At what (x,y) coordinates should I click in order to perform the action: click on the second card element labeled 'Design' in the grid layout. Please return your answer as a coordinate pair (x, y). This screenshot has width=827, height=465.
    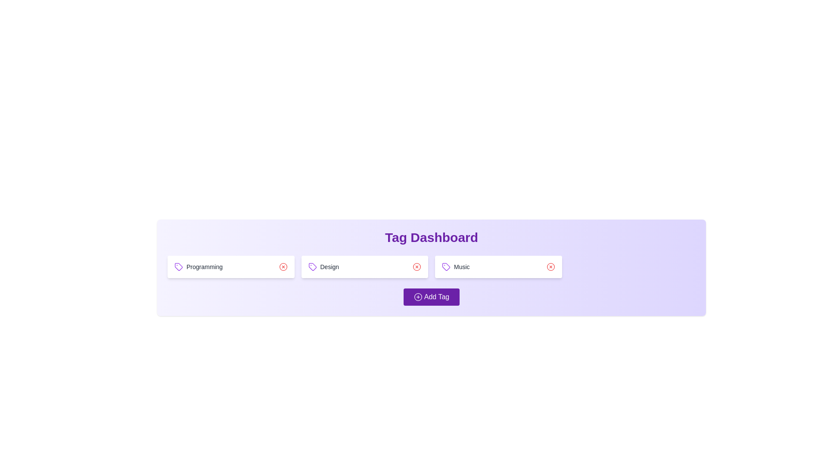
    Looking at the image, I should click on (364, 267).